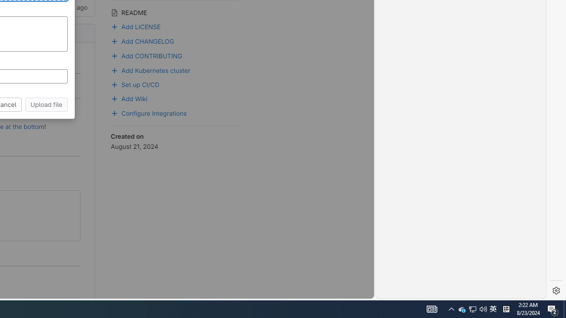  I want to click on 'Add Kubernetes cluster', so click(175, 69).